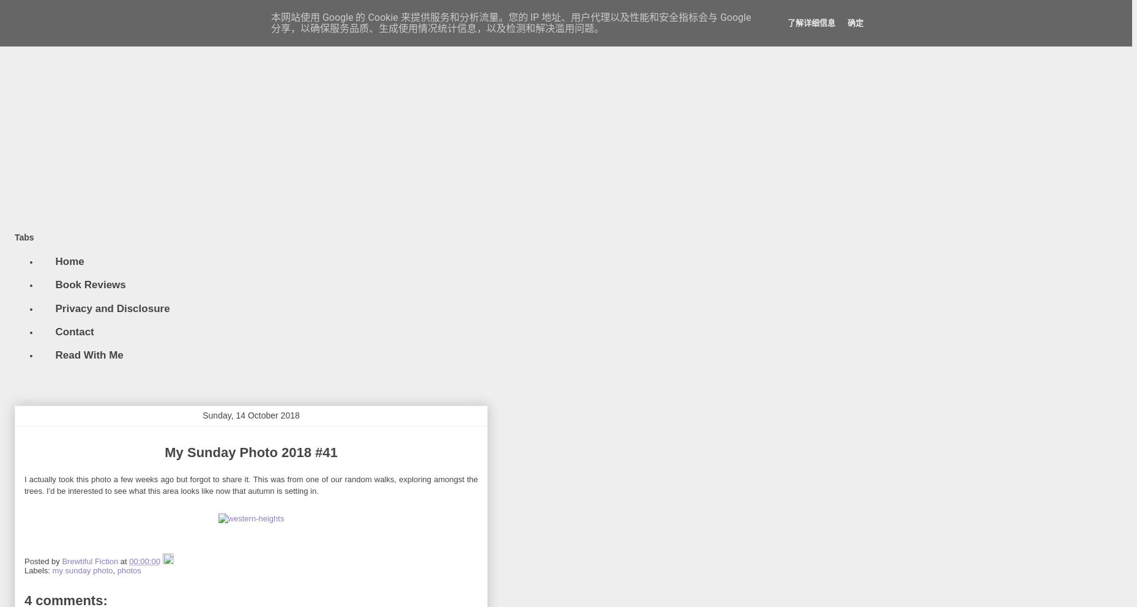 The width and height of the screenshot is (1137, 607). What do you see at coordinates (164, 452) in the screenshot?
I see `'My Sunday Photo 2018 #41'` at bounding box center [164, 452].